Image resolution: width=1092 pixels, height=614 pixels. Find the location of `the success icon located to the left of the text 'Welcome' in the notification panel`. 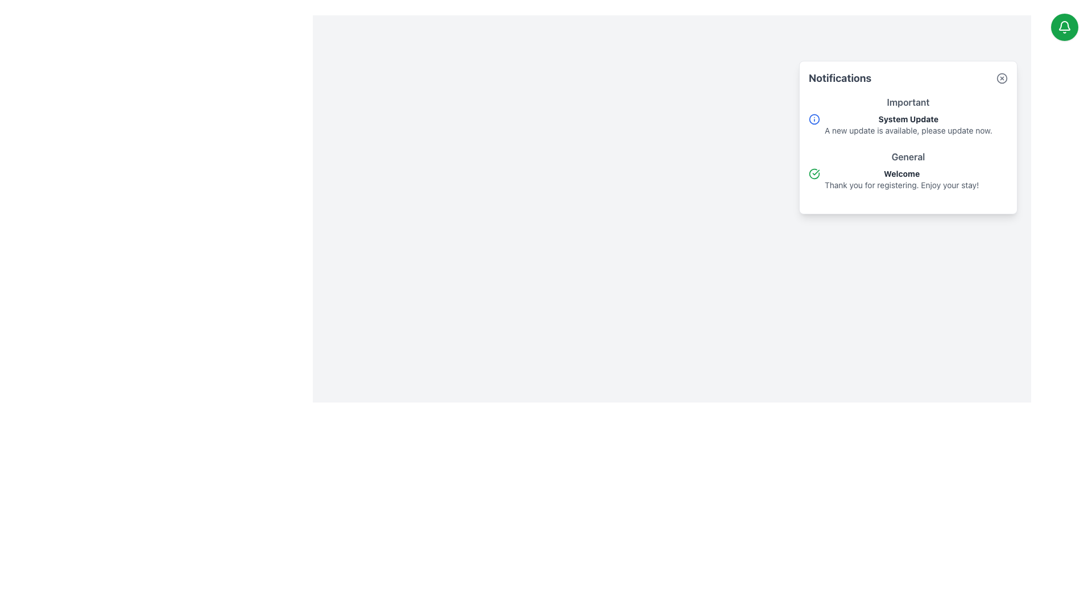

the success icon located to the left of the text 'Welcome' in the notification panel is located at coordinates (813, 173).